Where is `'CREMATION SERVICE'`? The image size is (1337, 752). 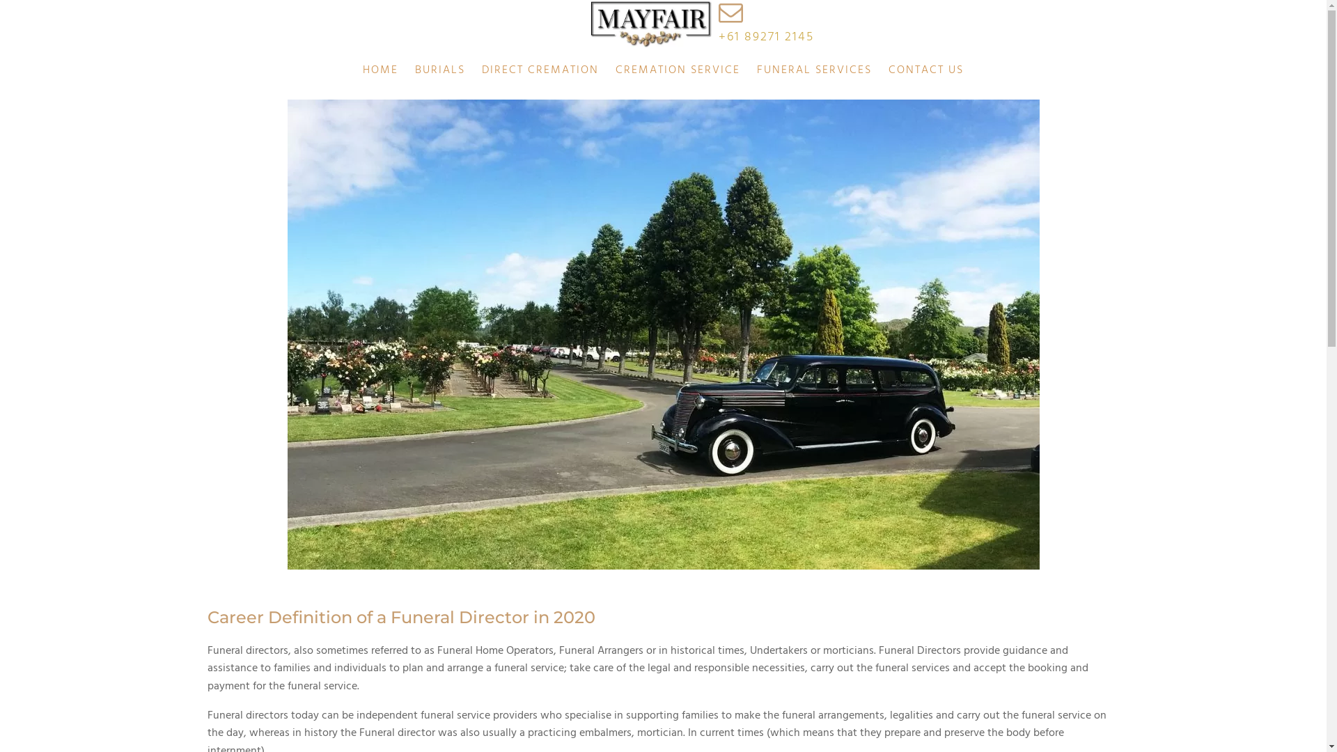 'CREMATION SERVICE' is located at coordinates (678, 70).